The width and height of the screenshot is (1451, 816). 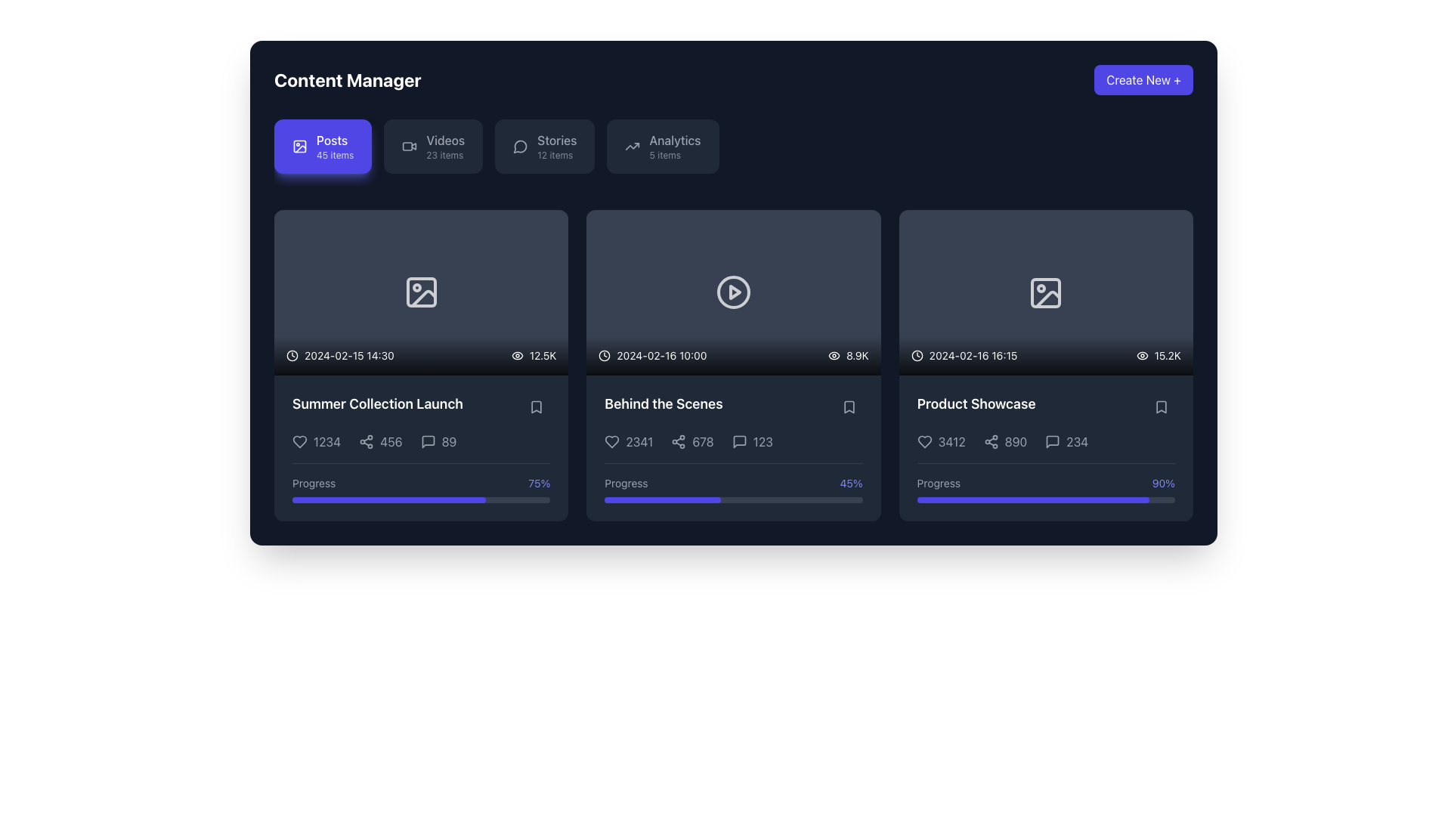 I want to click on the text label reading '12 items', which is styled in a small font size and semi-transparent light gray color, located directly below the 'Stories' label in the navigation interface, so click(x=554, y=155).